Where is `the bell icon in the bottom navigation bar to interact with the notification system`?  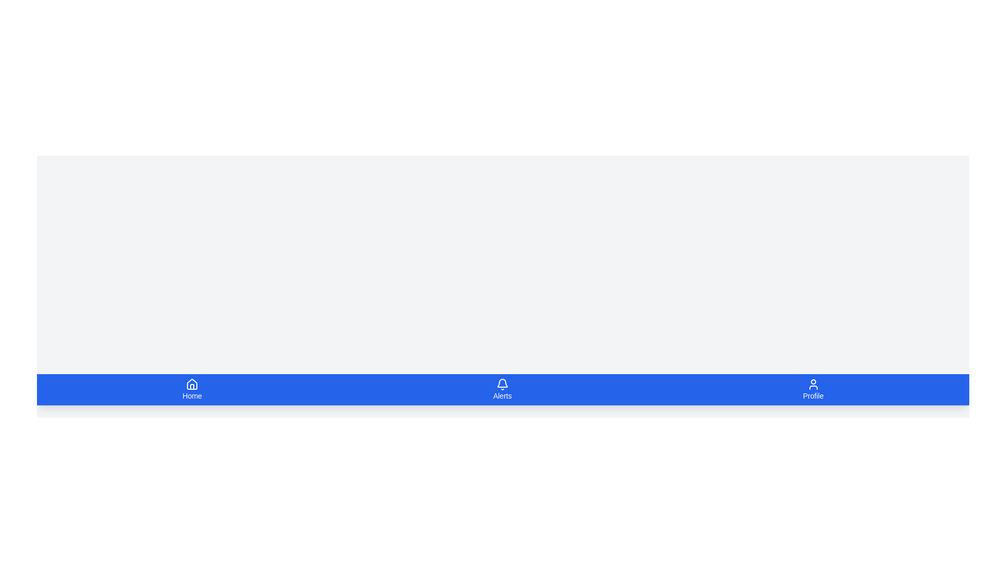 the bell icon in the bottom navigation bar to interact with the notification system is located at coordinates (502, 383).